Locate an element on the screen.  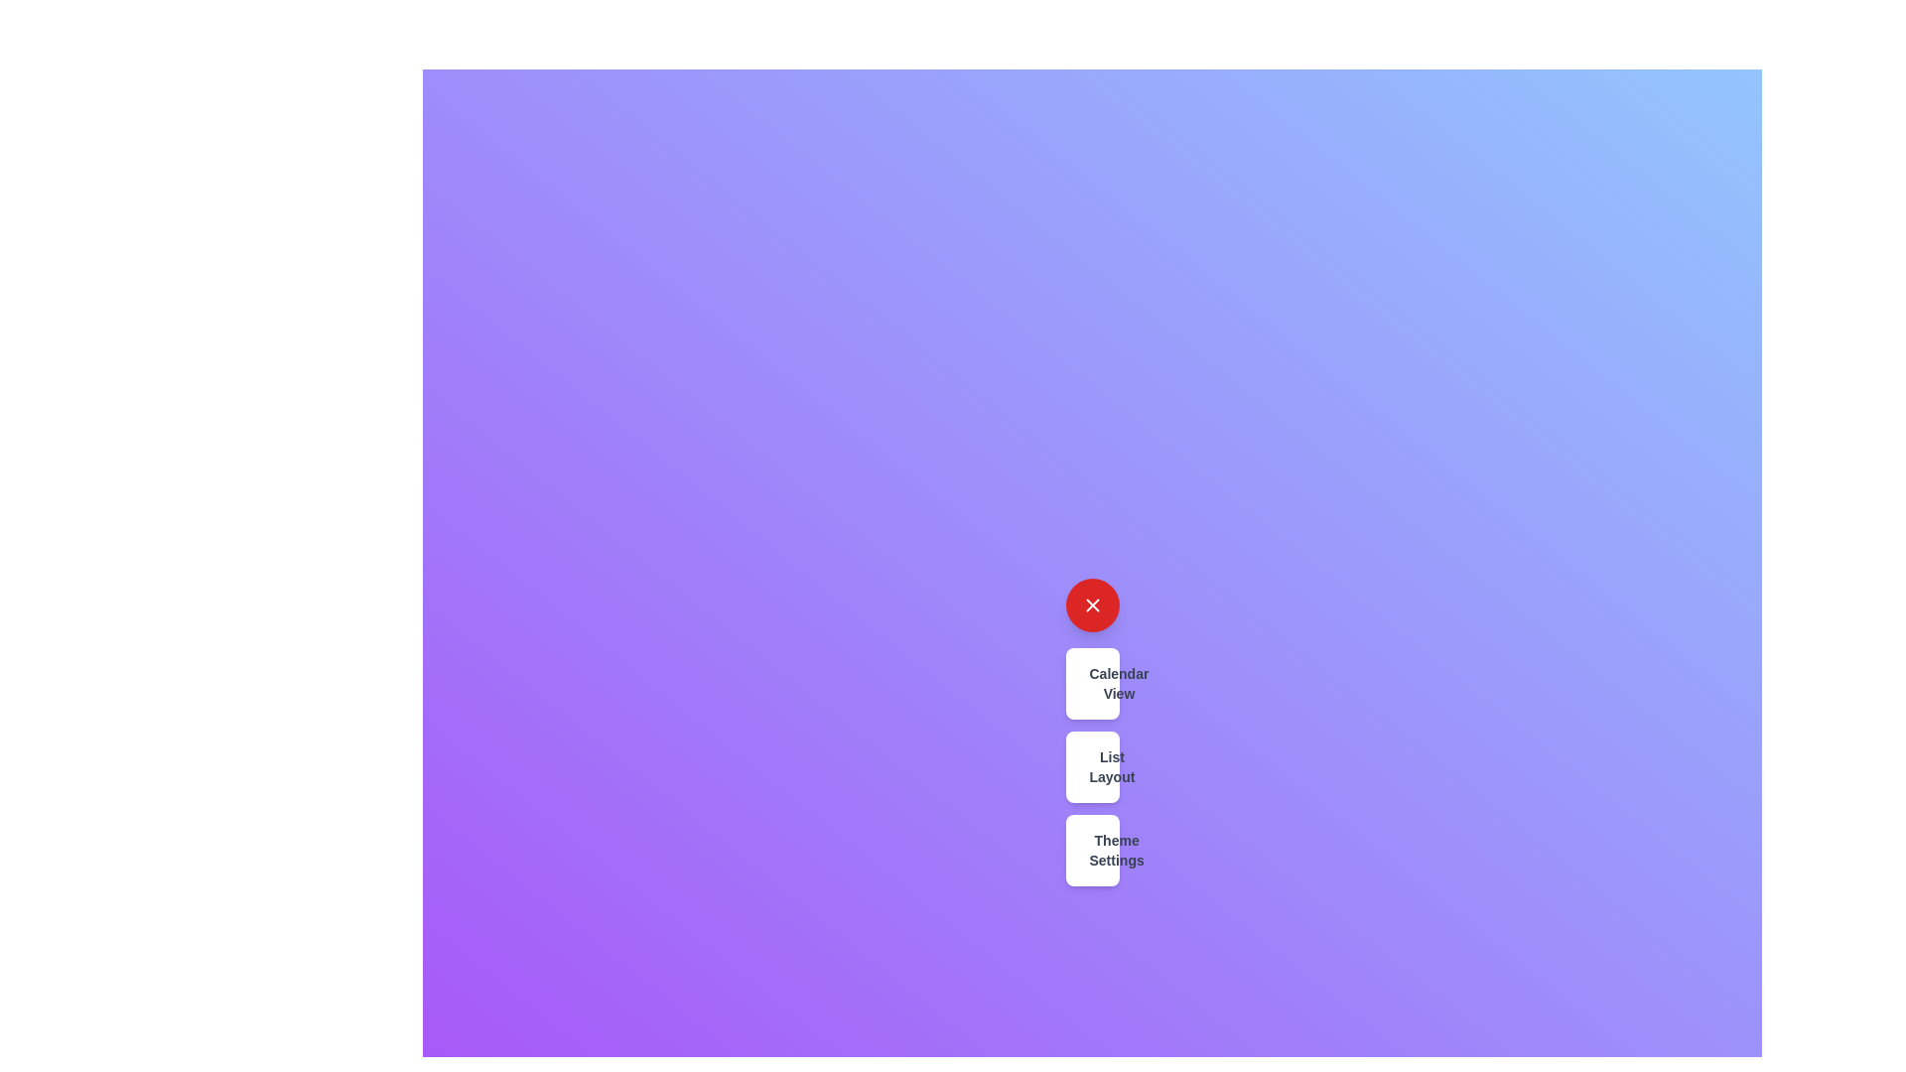
the 'Theme Settings' button to activate the action is located at coordinates (1091, 849).